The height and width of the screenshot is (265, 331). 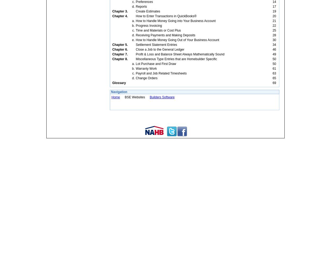 I want to click on 'Chapter 6.', so click(x=120, y=50).